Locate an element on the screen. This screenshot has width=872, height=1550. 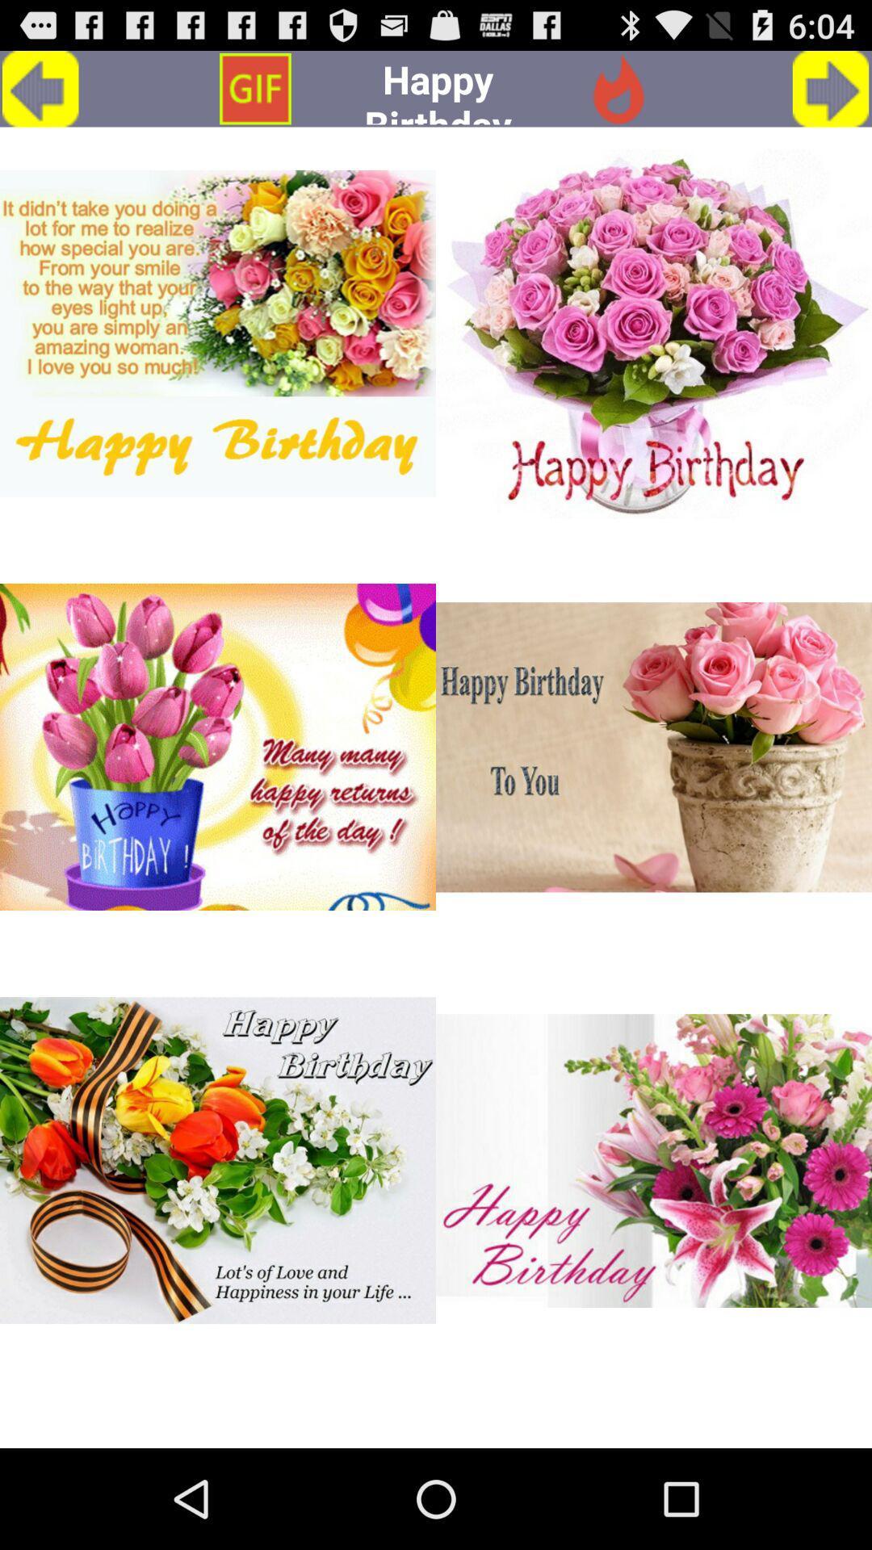
the arrow_backward icon is located at coordinates (40, 94).